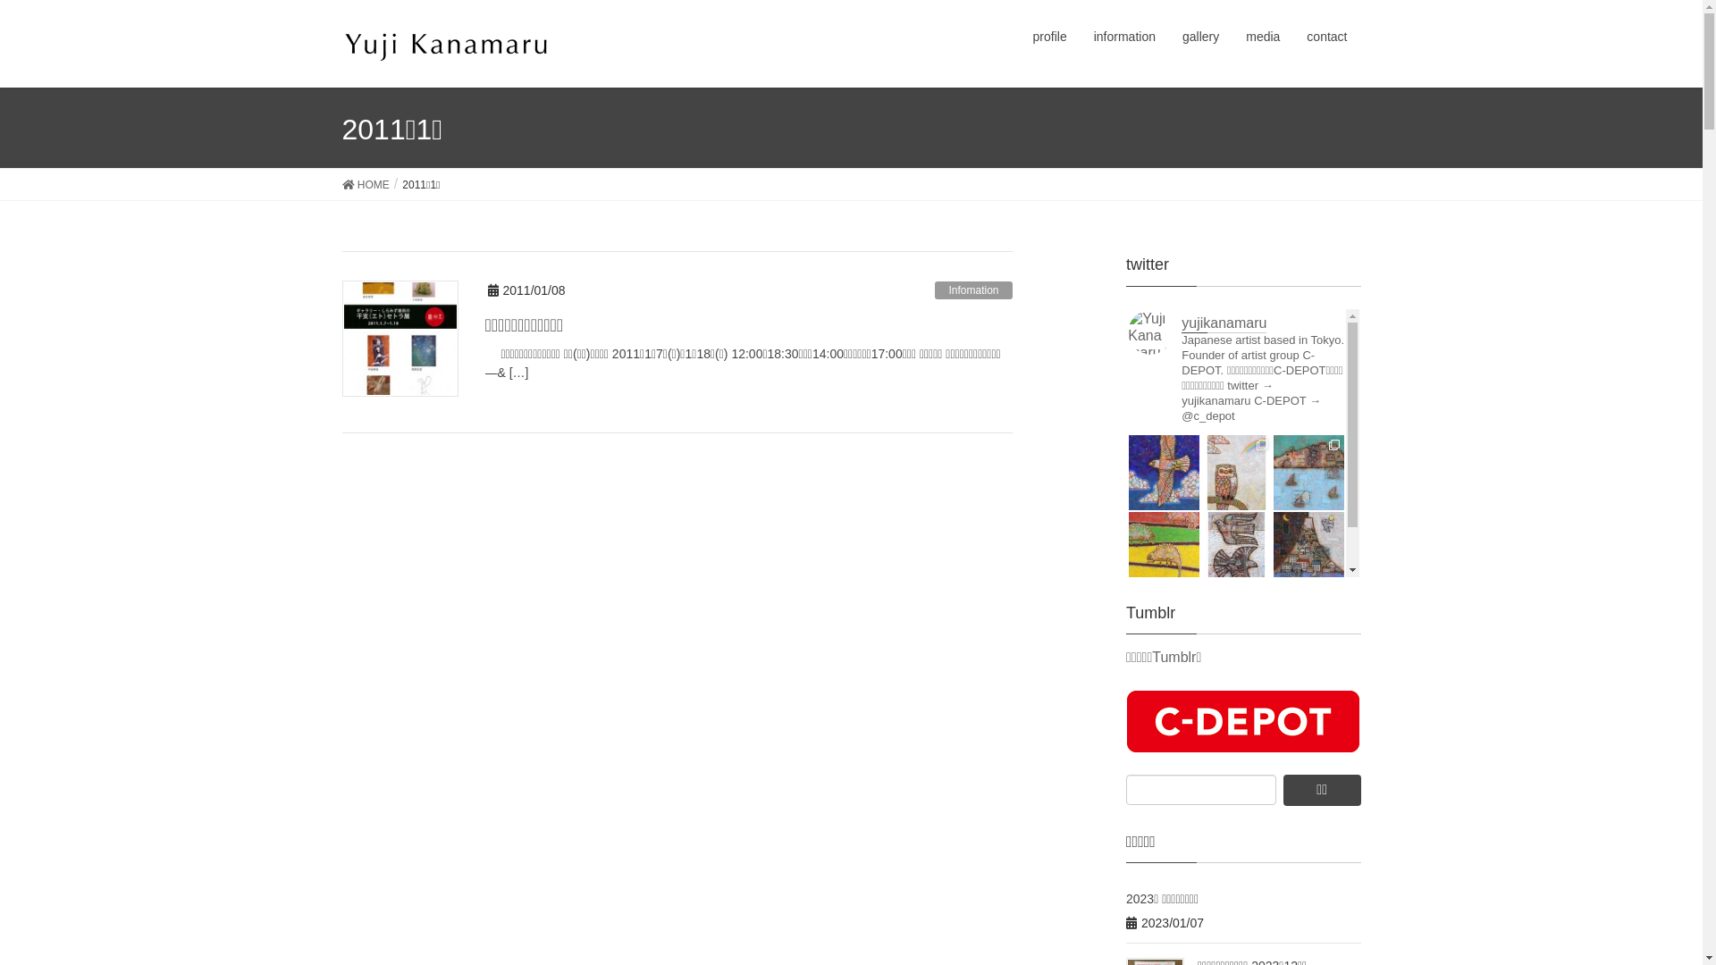 Image resolution: width=1716 pixels, height=965 pixels. I want to click on 'information', so click(1123, 37).